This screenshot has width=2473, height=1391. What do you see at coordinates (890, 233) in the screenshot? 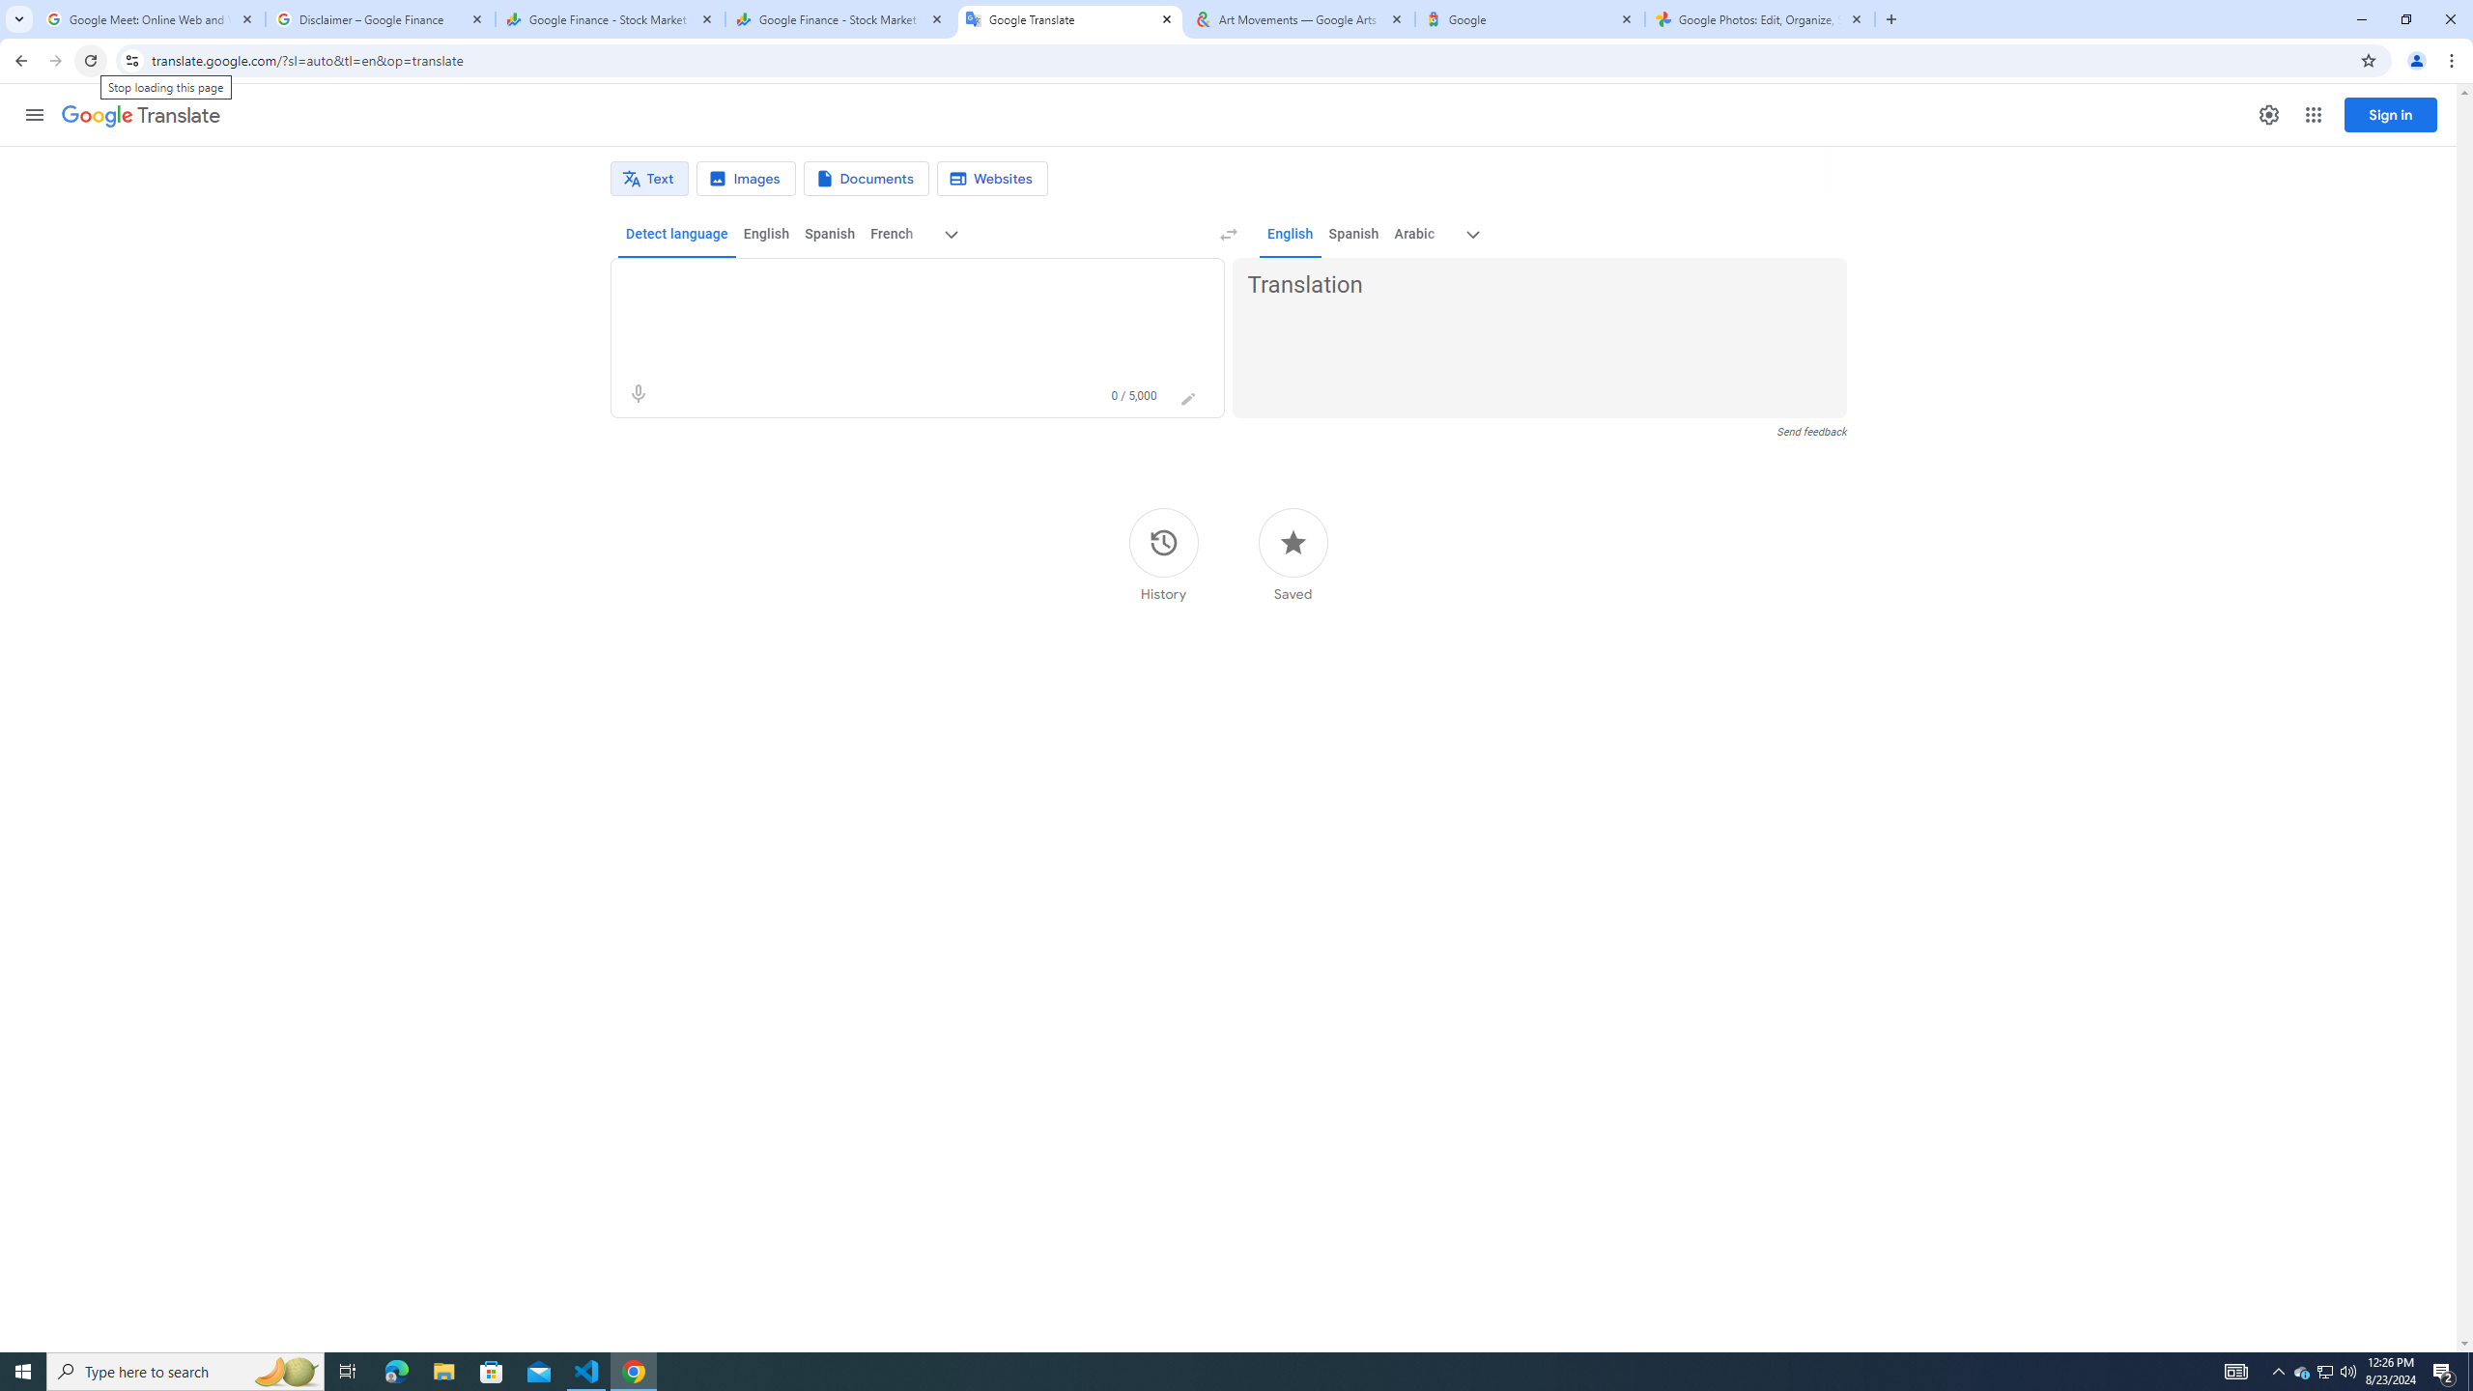
I see `'French'` at bounding box center [890, 233].